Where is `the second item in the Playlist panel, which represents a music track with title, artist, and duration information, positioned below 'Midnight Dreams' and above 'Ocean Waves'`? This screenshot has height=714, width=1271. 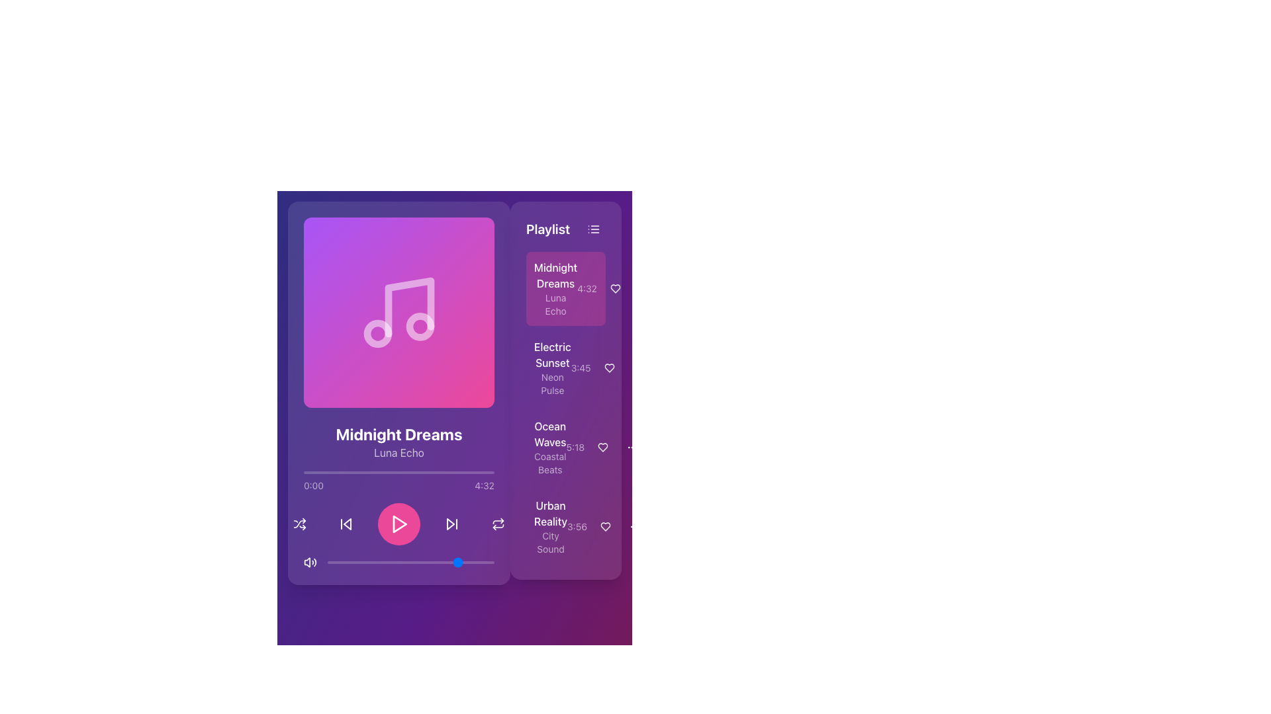
the second item in the Playlist panel, which represents a music track with title, artist, and duration information, positioned below 'Midnight Dreams' and above 'Ocean Waves' is located at coordinates (565, 407).